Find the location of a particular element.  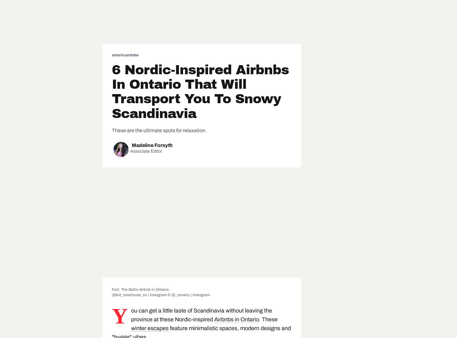

'You can get a little taste of Scandinavia without leaving the province at these Nordic-inspired' is located at coordinates (191, 316).